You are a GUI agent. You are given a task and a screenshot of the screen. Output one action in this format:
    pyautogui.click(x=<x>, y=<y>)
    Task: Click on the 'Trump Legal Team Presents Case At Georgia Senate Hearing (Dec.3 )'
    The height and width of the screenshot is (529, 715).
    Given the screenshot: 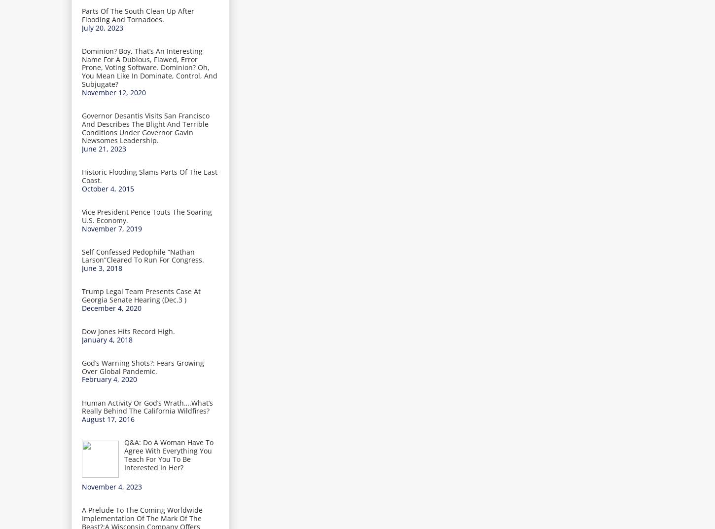 What is the action you would take?
    pyautogui.click(x=141, y=295)
    